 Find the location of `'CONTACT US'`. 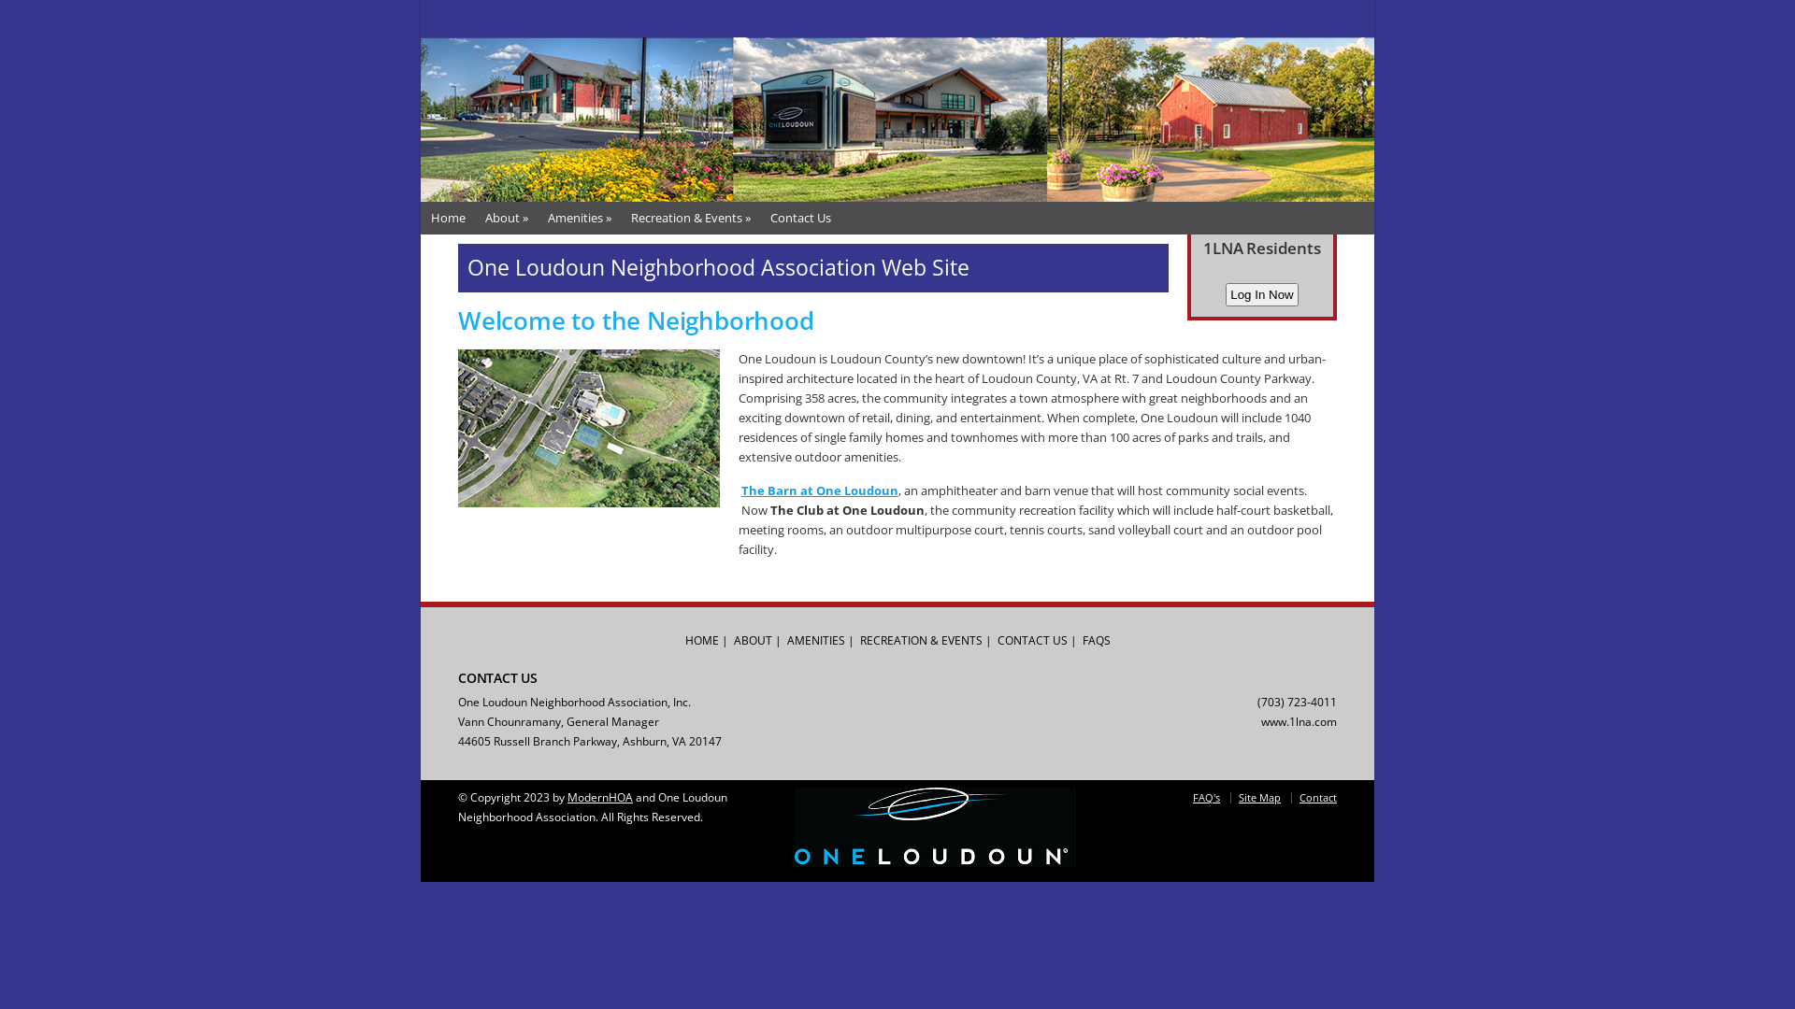

'CONTACT US' is located at coordinates (1030, 639).